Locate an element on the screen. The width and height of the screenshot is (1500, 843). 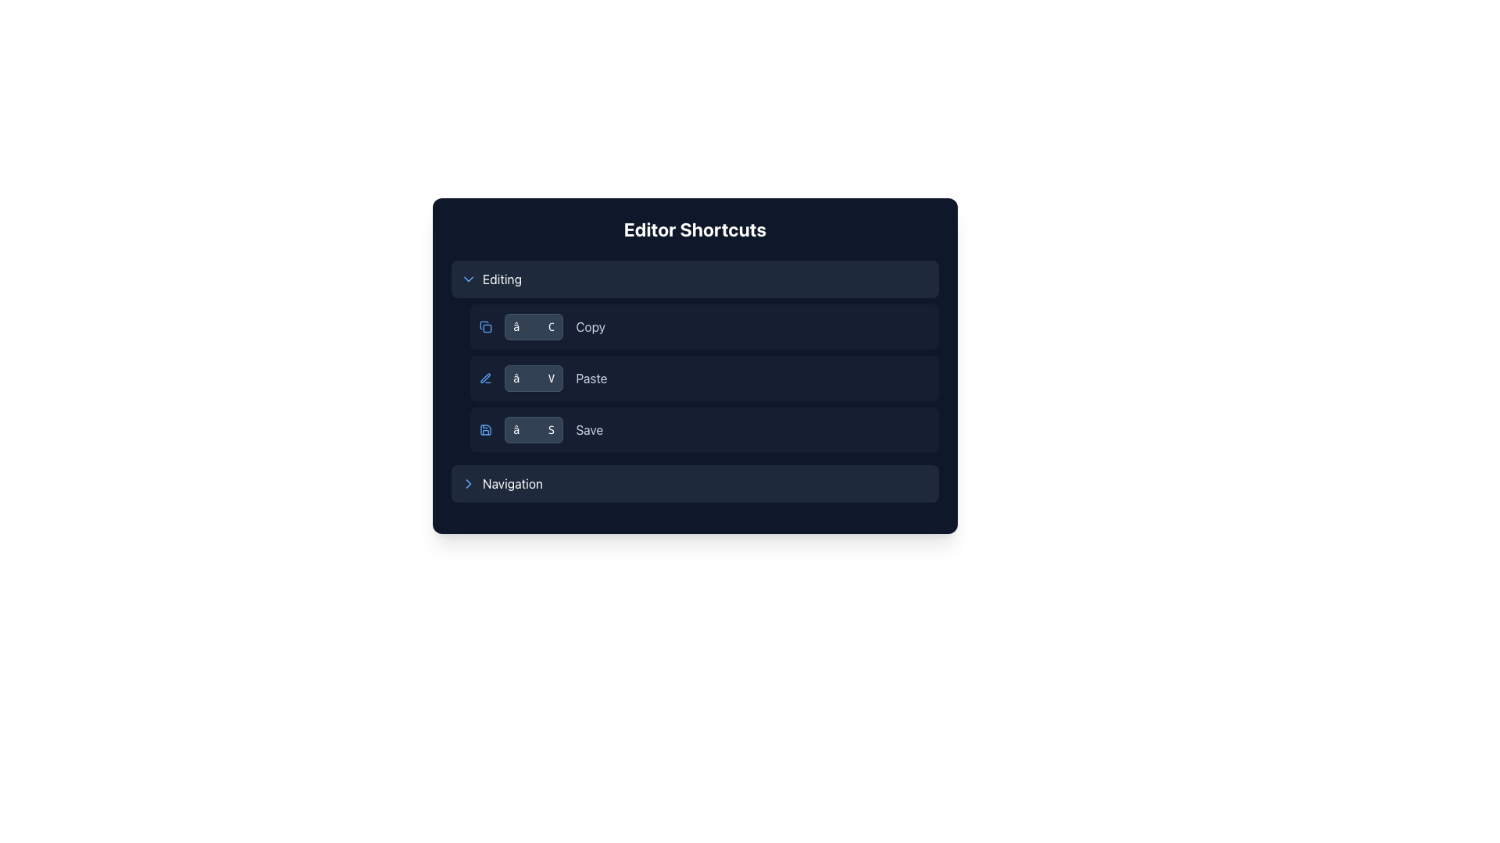
the keyboard shortcut associated with the 'Save' shortcut indicator panel, which displays '⌘ S' in the middle of the dark-themed panel is located at coordinates (704, 430).